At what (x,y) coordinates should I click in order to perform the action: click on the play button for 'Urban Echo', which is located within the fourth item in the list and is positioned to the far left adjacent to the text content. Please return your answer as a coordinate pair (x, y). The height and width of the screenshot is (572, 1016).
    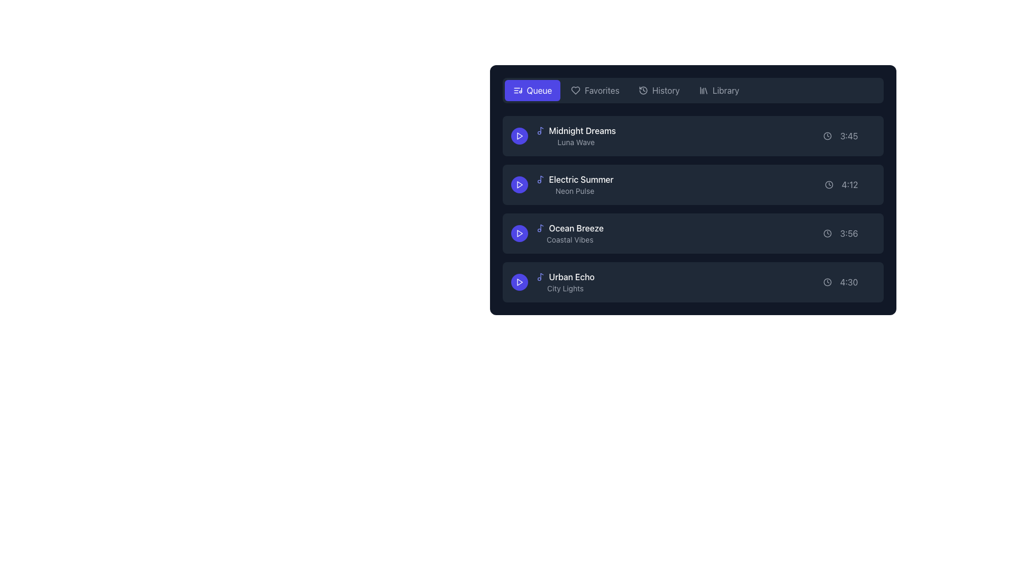
    Looking at the image, I should click on (519, 281).